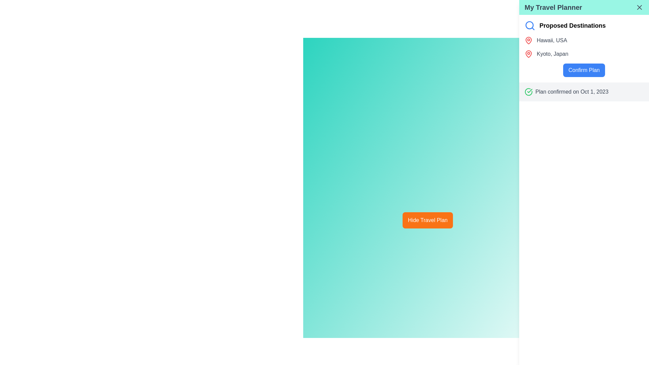 The width and height of the screenshot is (649, 365). I want to click on the Text Display with Icon that communicates a confirmation message regarding a travel plan, located near the bottom of the right-side panel titled 'My Travel Planner', directly under the 'Confirm Plan' button, so click(584, 92).